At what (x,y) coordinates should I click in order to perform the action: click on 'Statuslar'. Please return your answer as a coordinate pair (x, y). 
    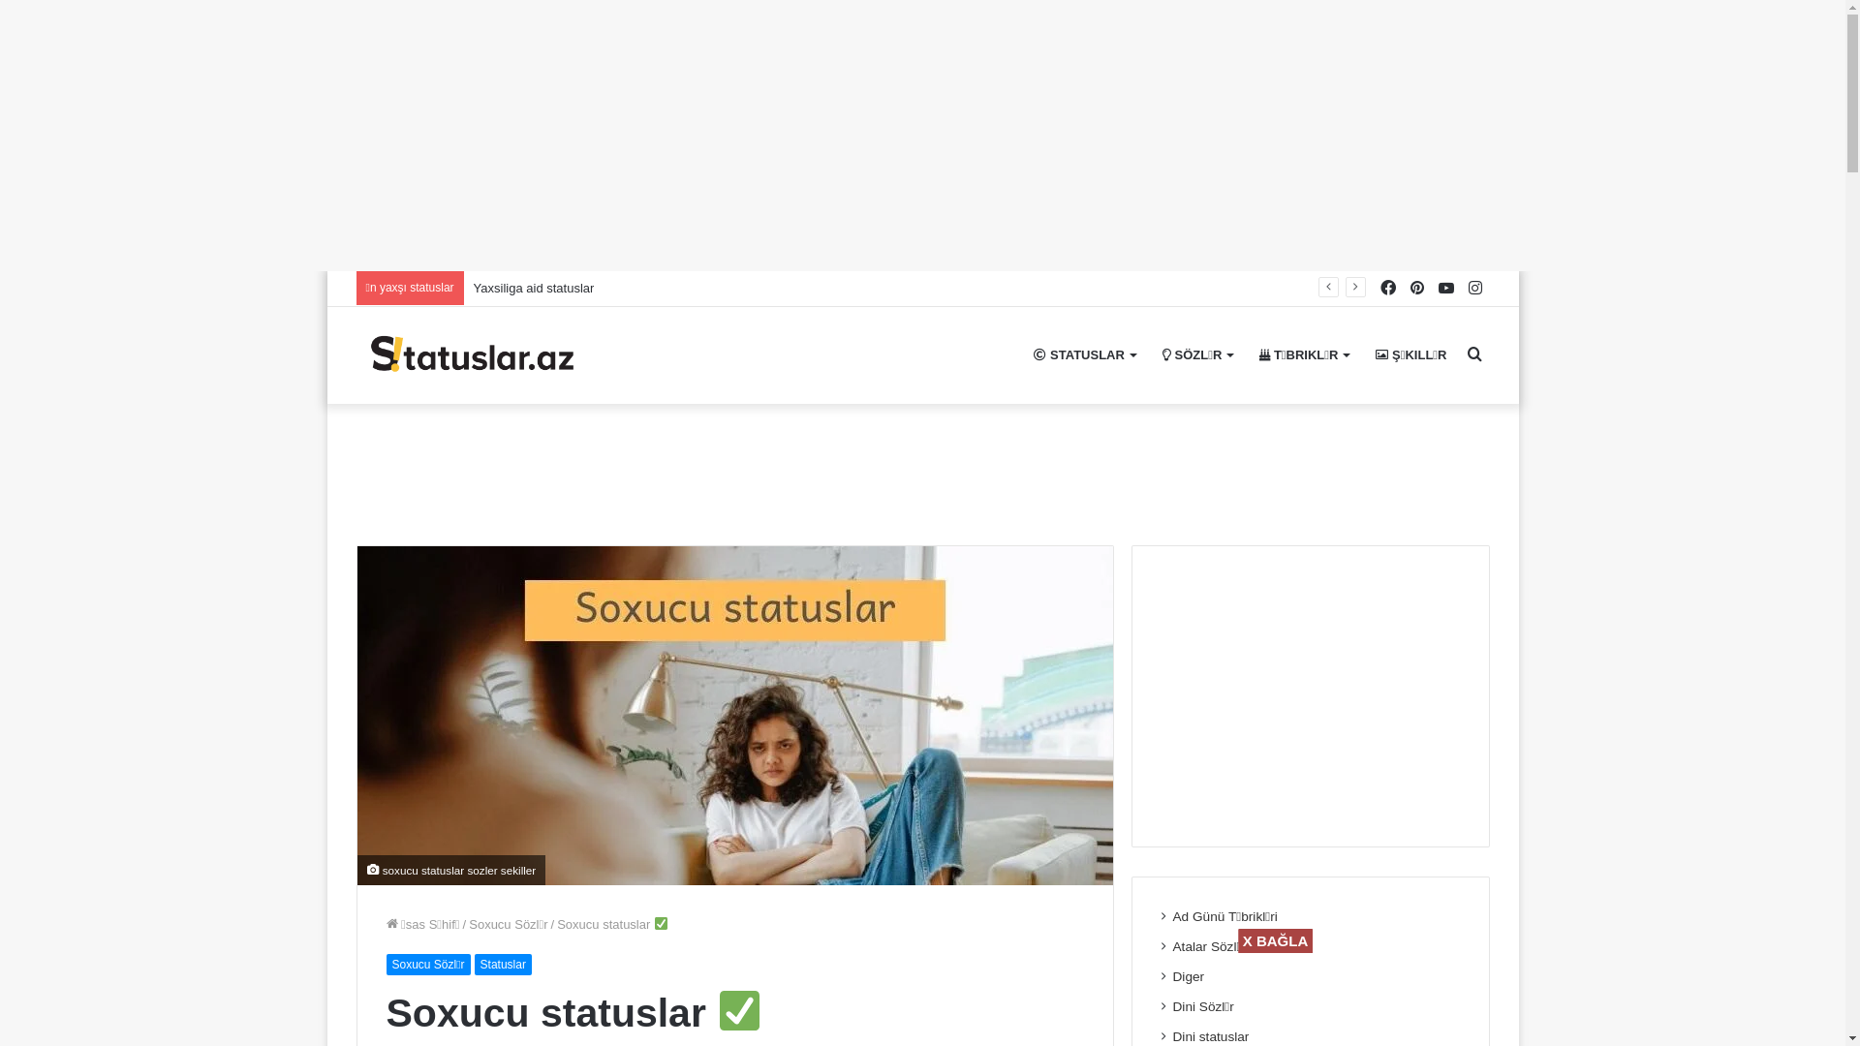
    Looking at the image, I should click on (474, 964).